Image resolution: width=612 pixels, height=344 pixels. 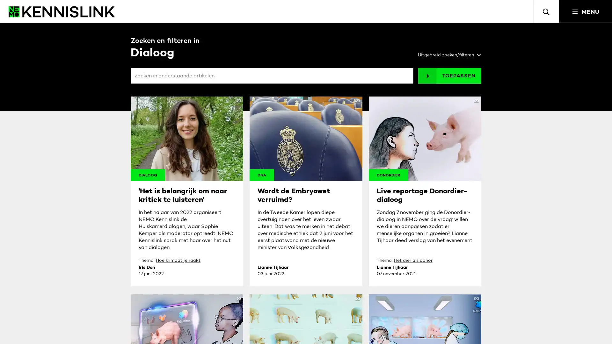 I want to click on TOEPASSEN, so click(x=449, y=75).